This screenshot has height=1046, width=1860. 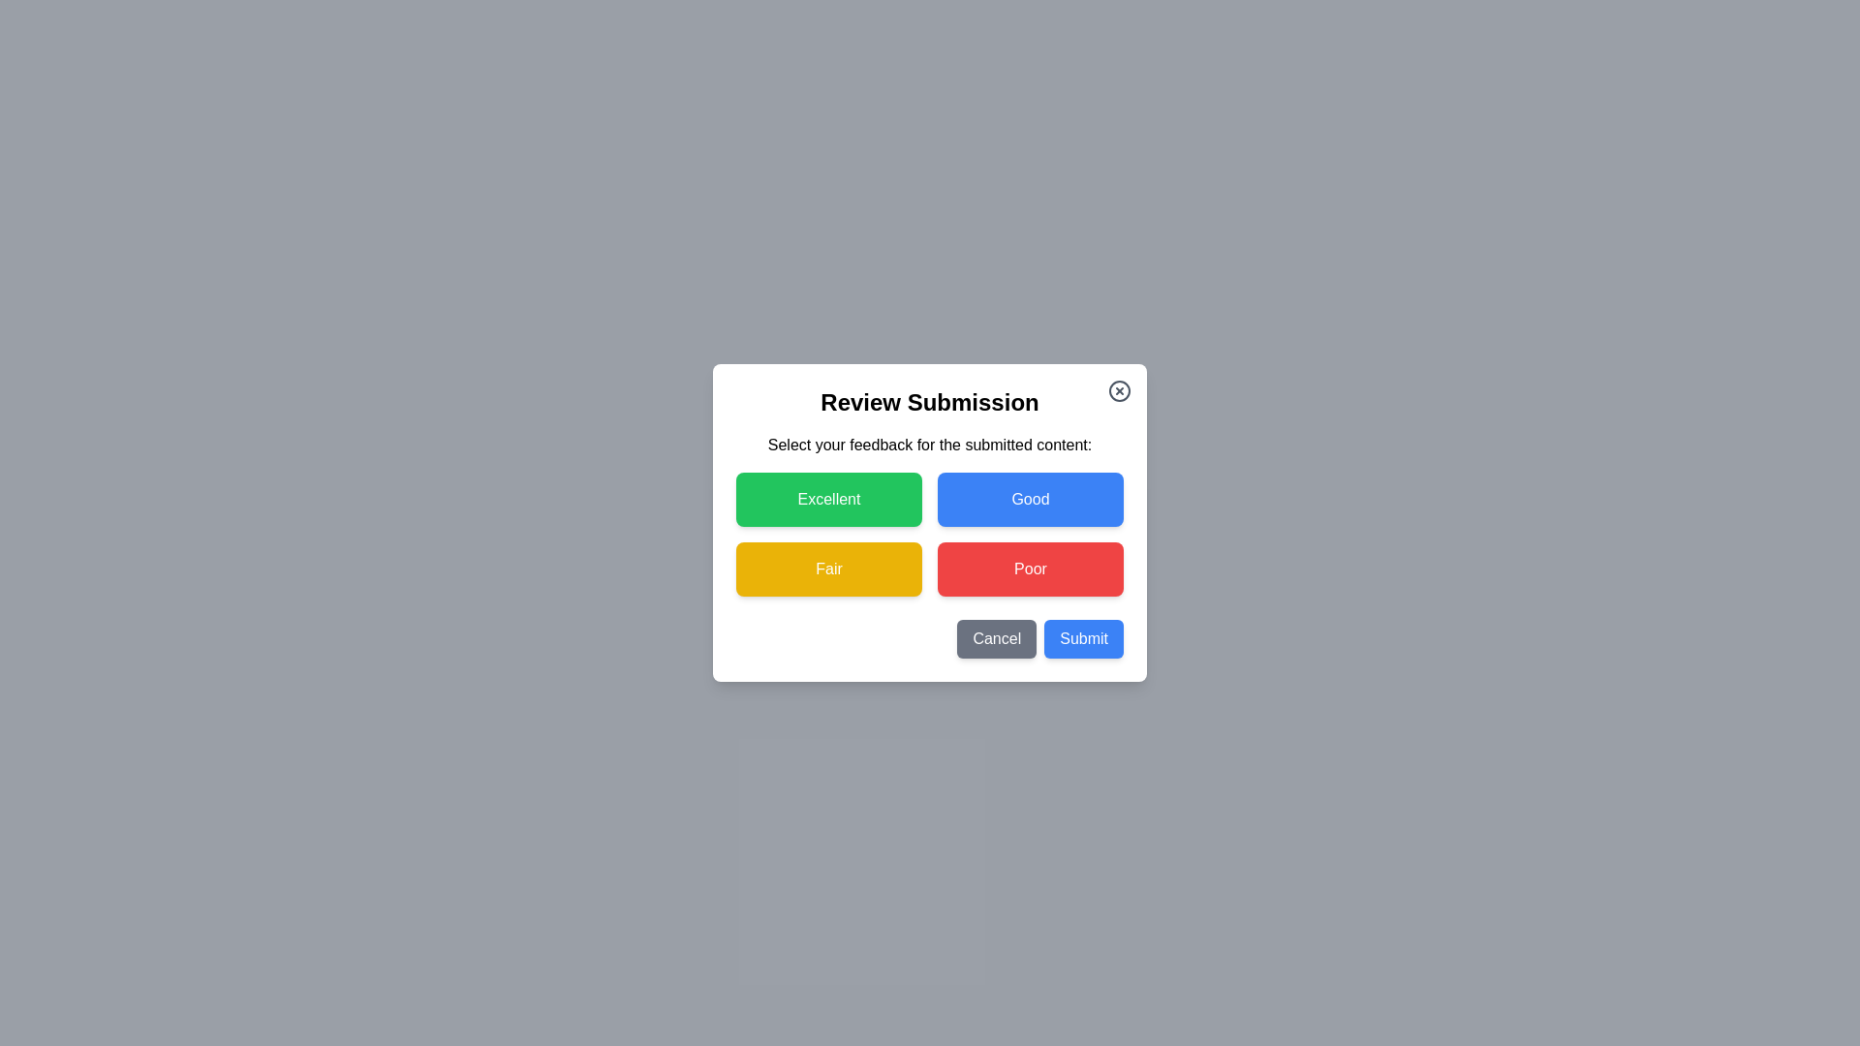 What do you see at coordinates (1030, 499) in the screenshot?
I see `the button labeled Good to select the corresponding feedback` at bounding box center [1030, 499].